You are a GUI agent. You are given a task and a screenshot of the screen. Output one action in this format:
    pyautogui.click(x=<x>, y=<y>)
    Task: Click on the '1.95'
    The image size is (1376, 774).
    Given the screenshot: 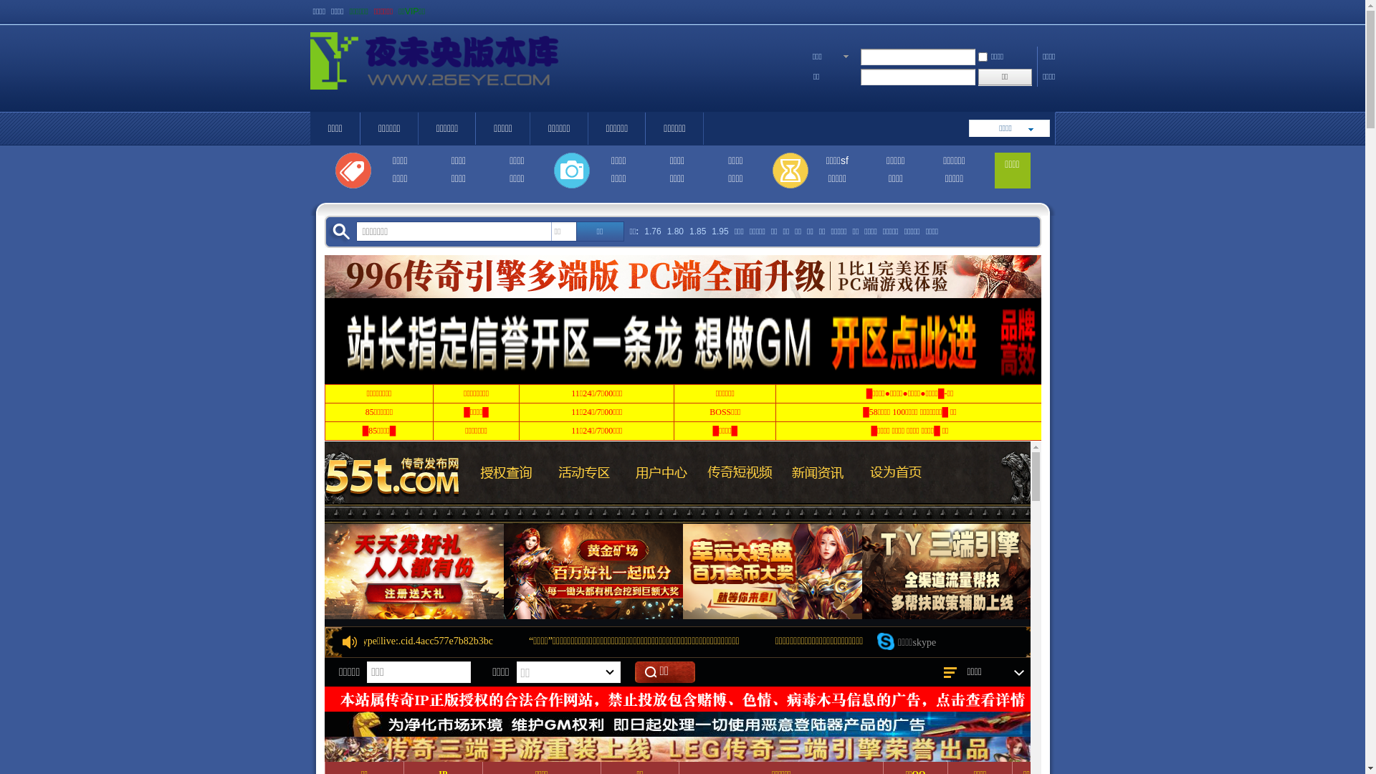 What is the action you would take?
    pyautogui.click(x=712, y=231)
    